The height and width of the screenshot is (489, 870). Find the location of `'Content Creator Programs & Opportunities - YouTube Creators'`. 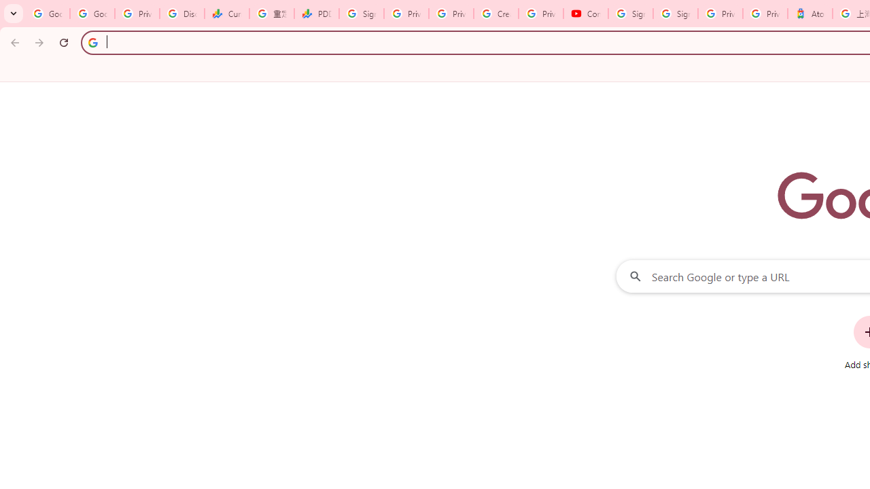

'Content Creator Programs & Opportunities - YouTube Creators' is located at coordinates (586, 14).